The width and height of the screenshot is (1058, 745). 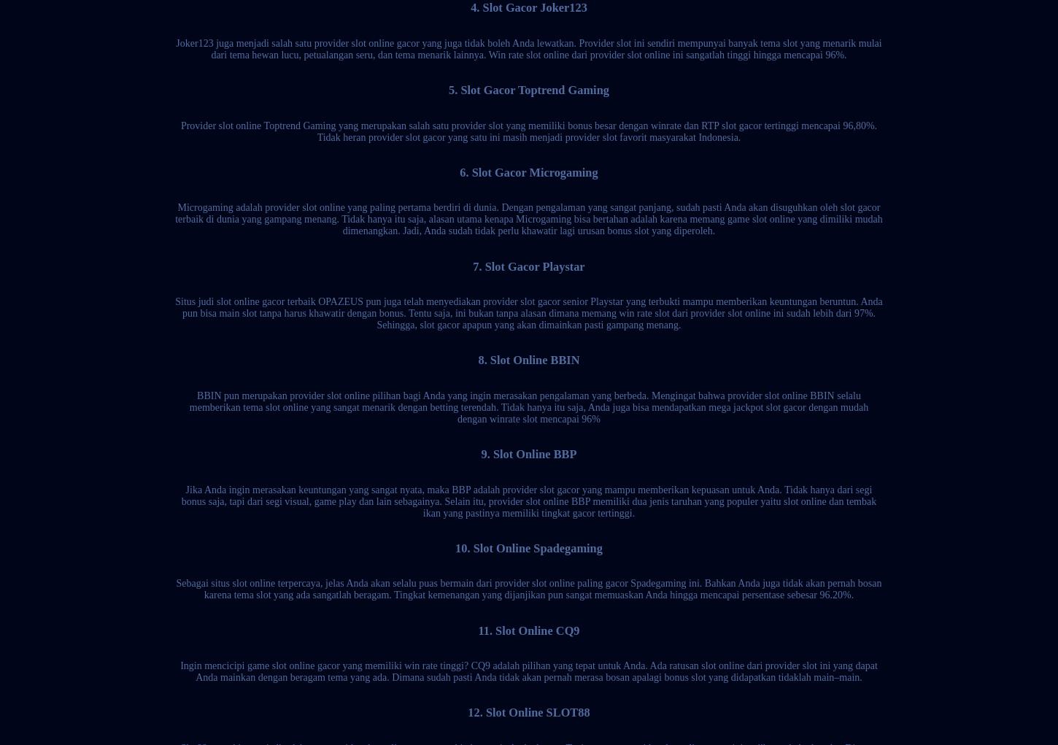 I want to click on 'Jika Anda ingin merasakan keuntungan yang sangat nyata, maka BBP adalah provider slot gacor yang mampu memberikan kepuasan untuk Anda. Tidak hanya dari segi bonus saja, tapi dari segi visual, game play dan lain sebagainya. Selain itu, provider slot online BBP memiliki dua jenis taruhan yang populer yaitu slot online dan tembak ikan yang pastinya memiliki tingkat gacor tertinggi.', so click(x=180, y=501).